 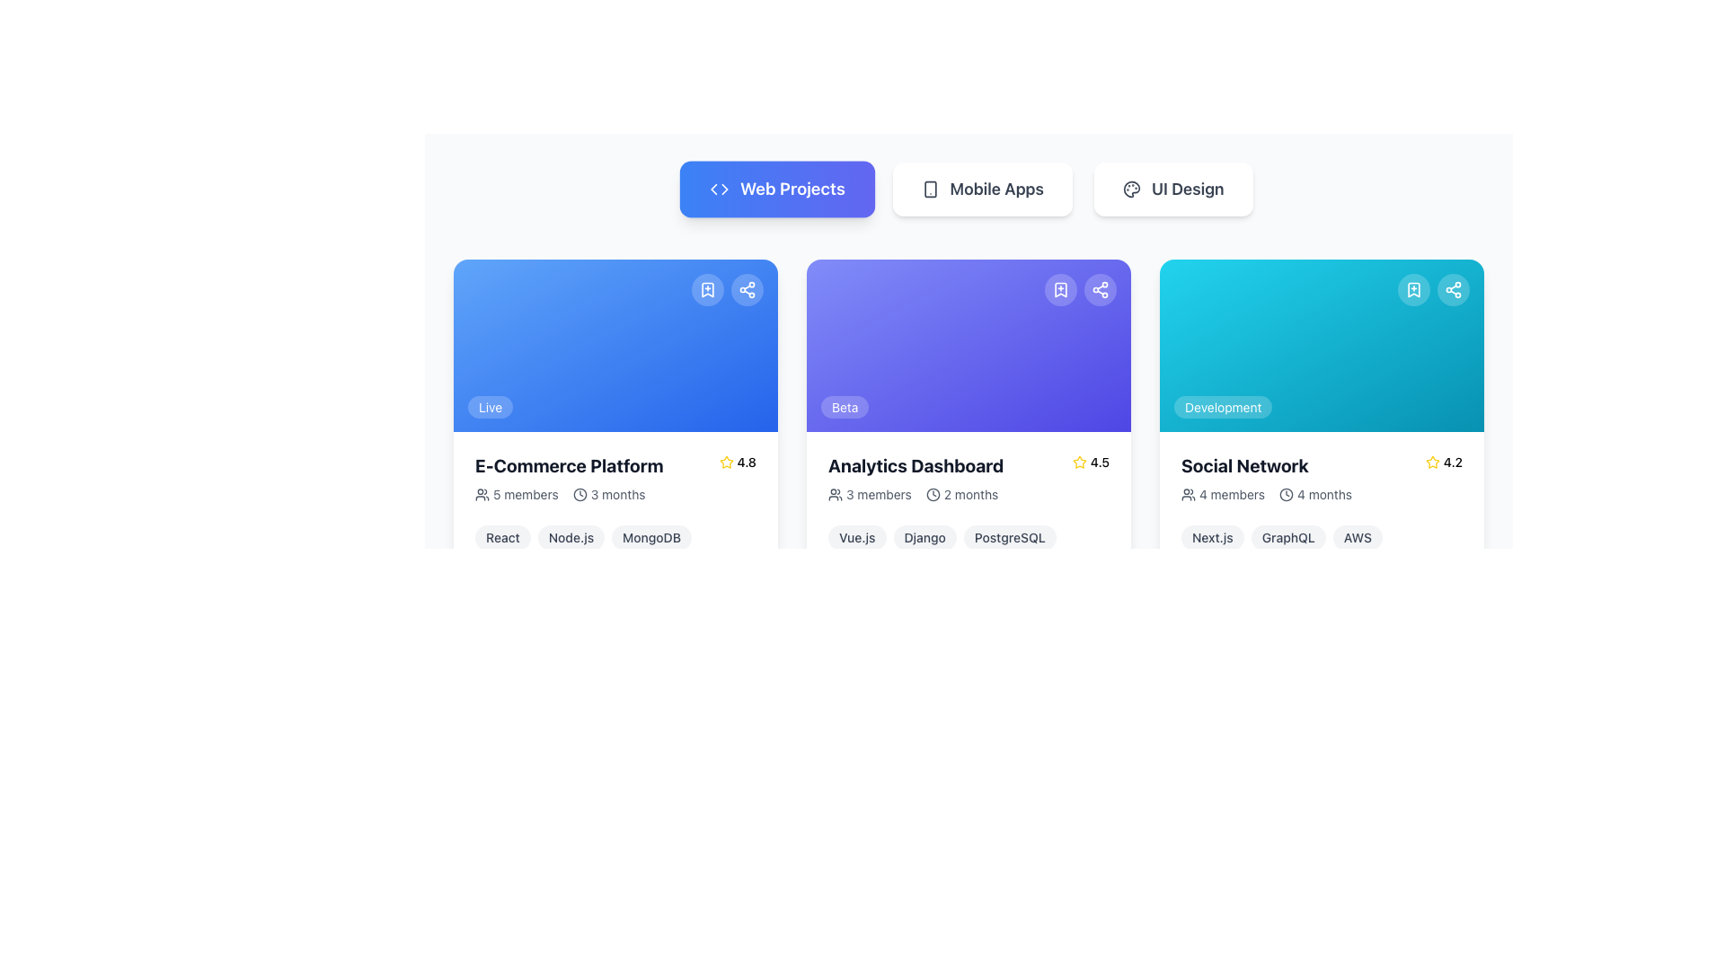 What do you see at coordinates (525, 495) in the screenshot?
I see `the Text label displaying the number of members associated with the 'E-Commerce Platform' project to potentially display a tooltip` at bounding box center [525, 495].